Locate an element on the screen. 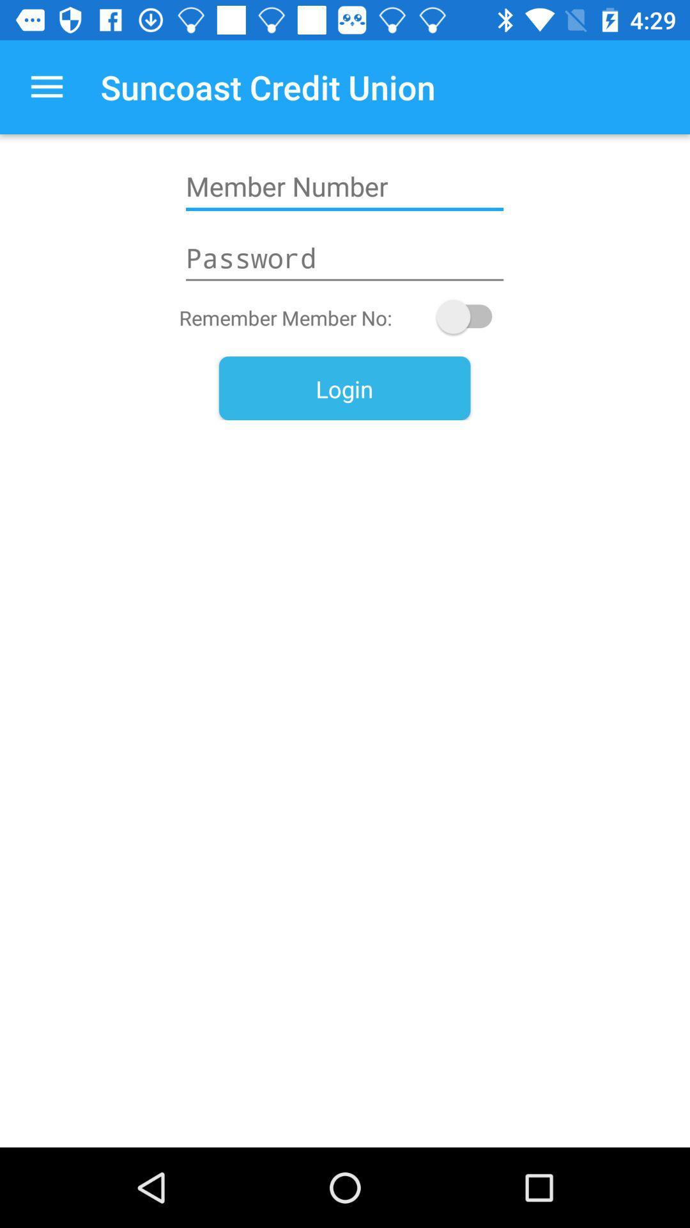  insert password for login is located at coordinates (344, 257).